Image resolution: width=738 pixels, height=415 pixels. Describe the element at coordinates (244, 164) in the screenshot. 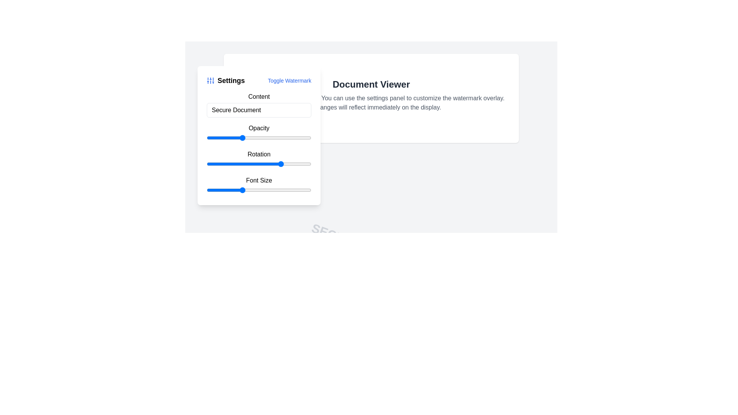

I see `rotation` at that location.